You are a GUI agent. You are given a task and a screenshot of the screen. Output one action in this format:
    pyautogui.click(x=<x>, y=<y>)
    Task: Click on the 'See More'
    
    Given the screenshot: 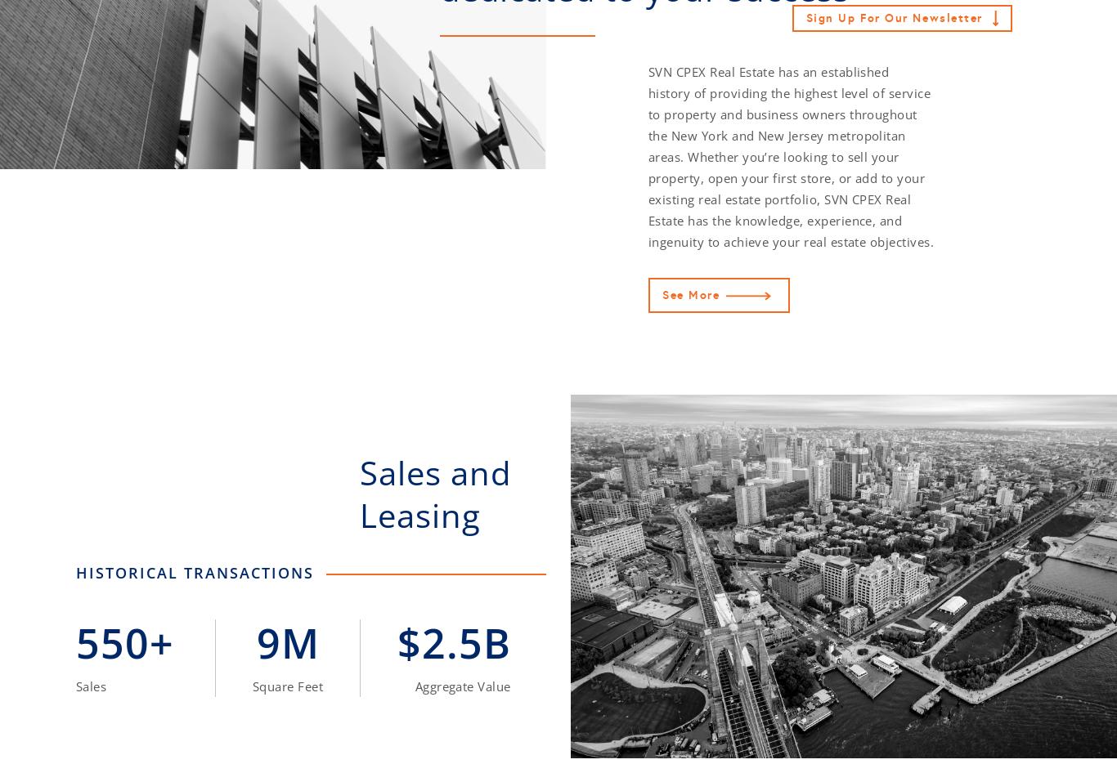 What is the action you would take?
    pyautogui.click(x=690, y=294)
    